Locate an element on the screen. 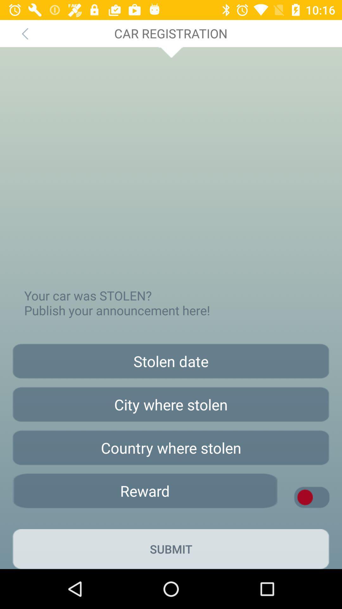 The width and height of the screenshot is (342, 609). the item to the left of the car registration icon is located at coordinates (24, 33).